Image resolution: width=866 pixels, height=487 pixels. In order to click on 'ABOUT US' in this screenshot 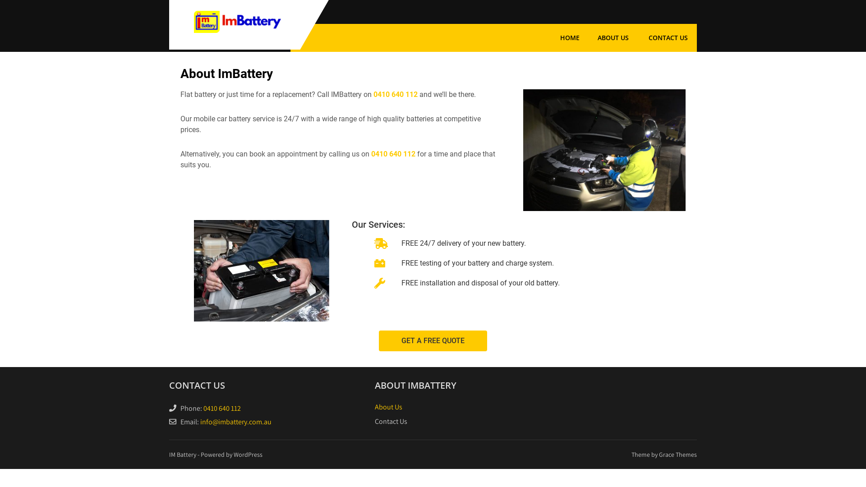, I will do `click(613, 37)`.